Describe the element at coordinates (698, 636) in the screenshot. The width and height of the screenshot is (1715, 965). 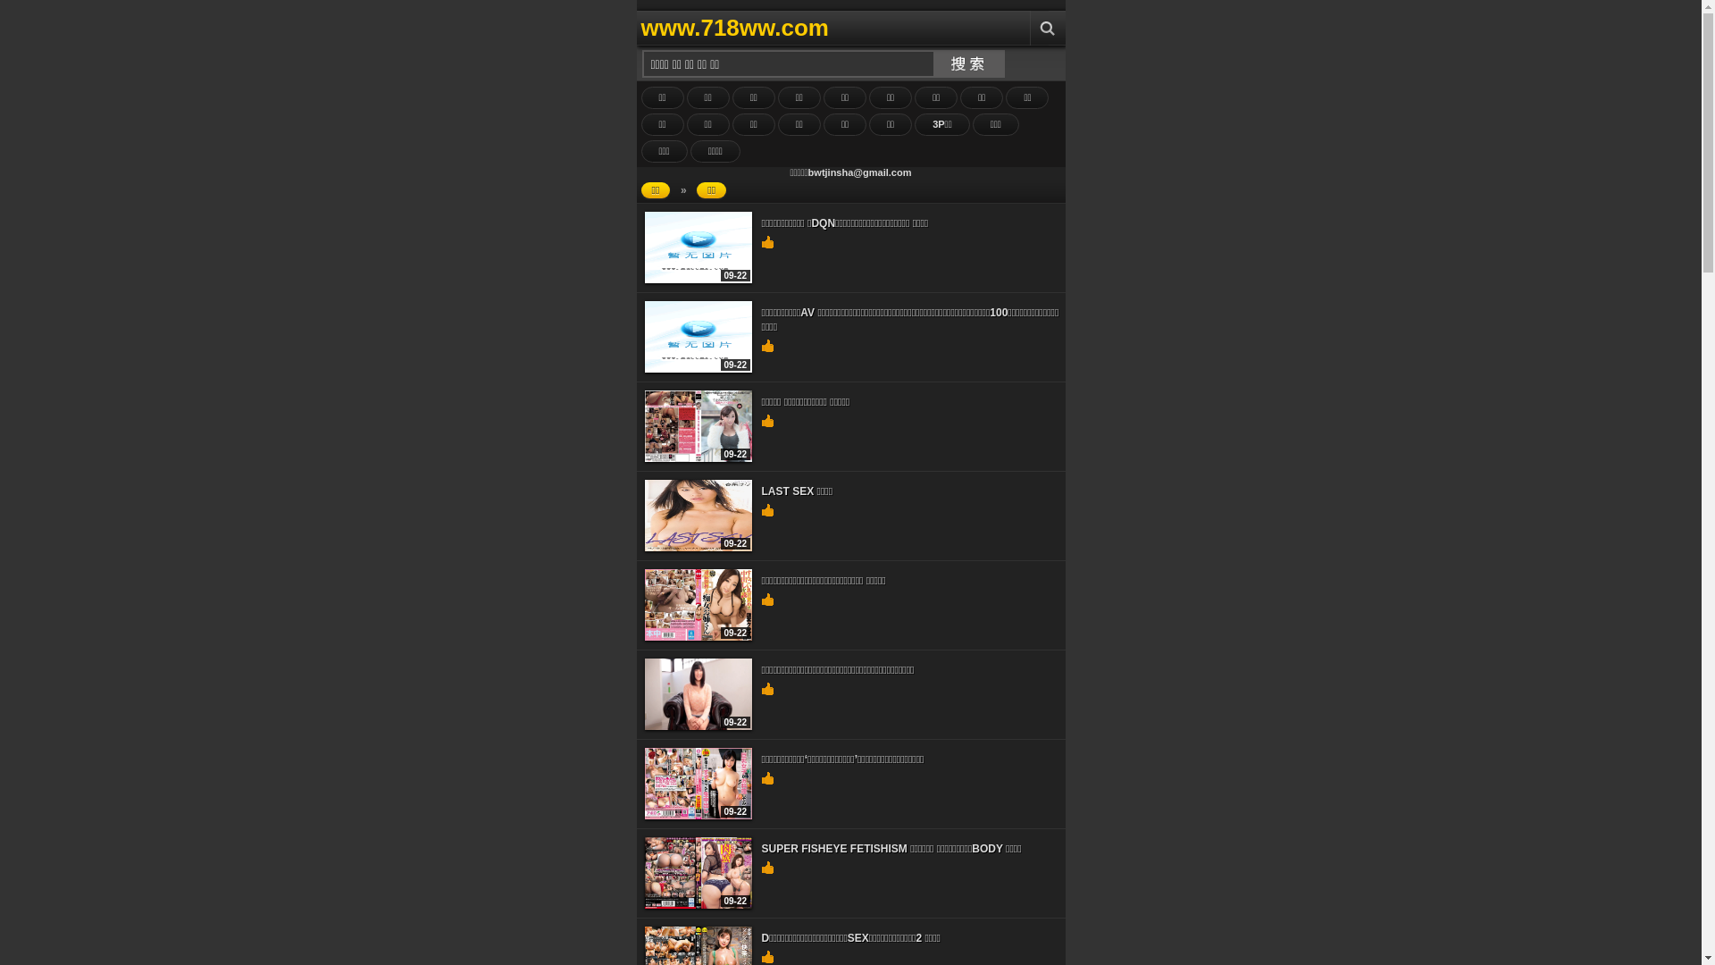
I see `'09-22'` at that location.